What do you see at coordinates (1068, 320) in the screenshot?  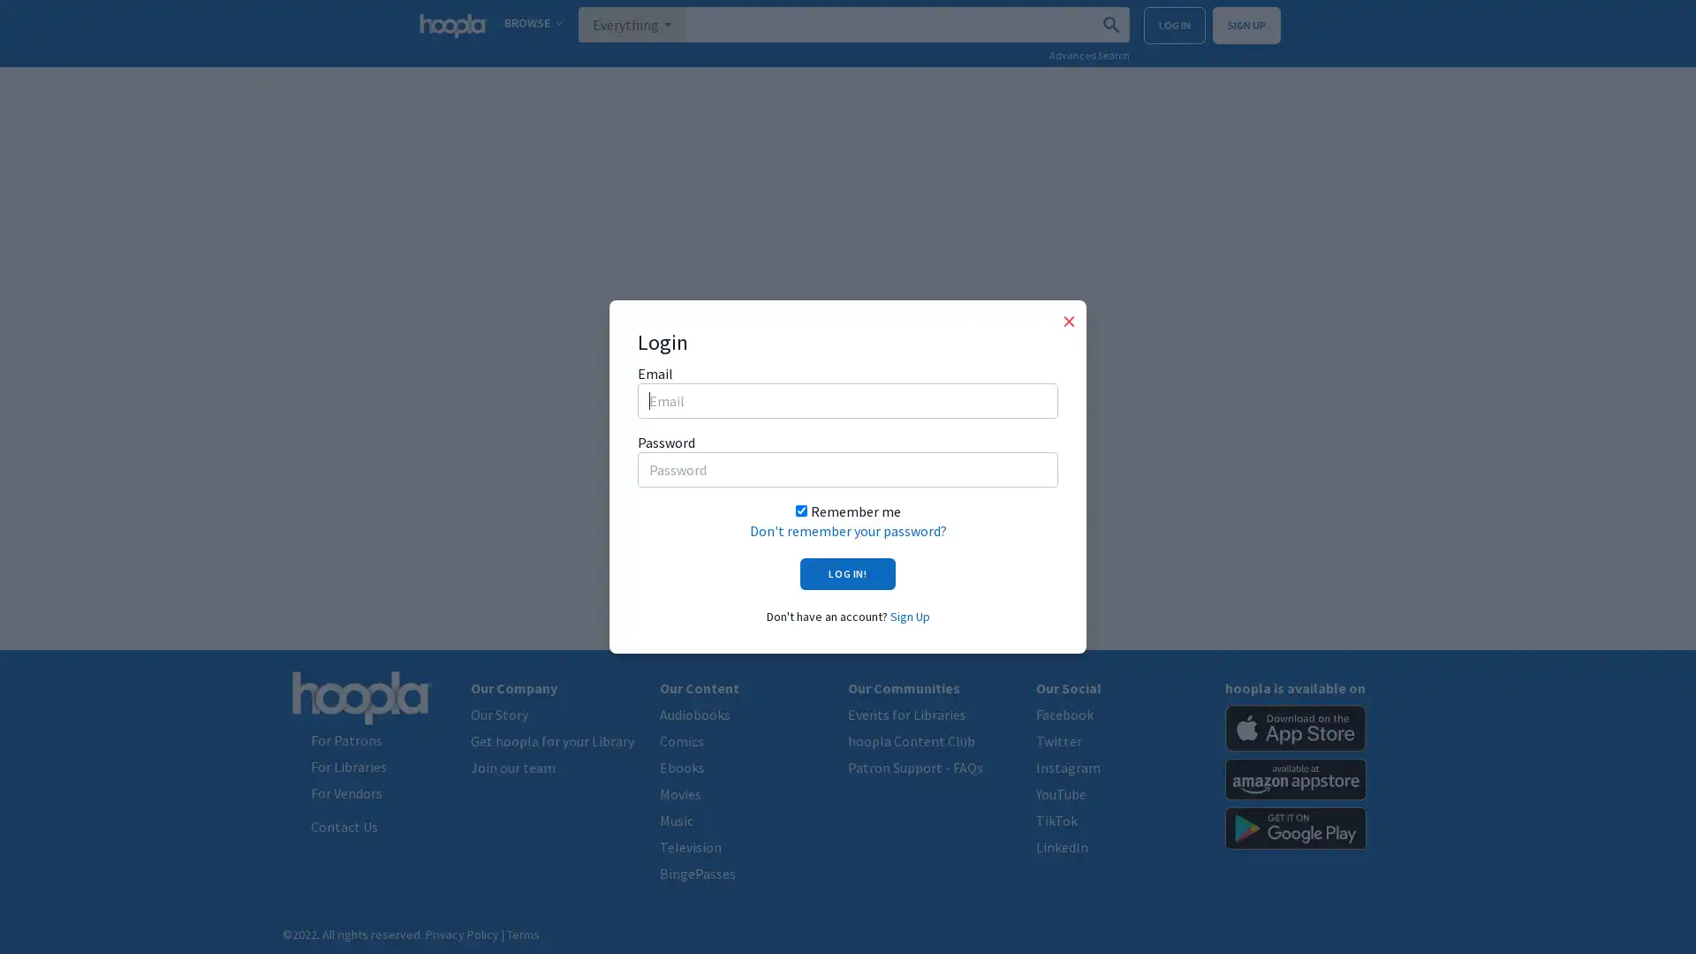 I see `Close` at bounding box center [1068, 320].